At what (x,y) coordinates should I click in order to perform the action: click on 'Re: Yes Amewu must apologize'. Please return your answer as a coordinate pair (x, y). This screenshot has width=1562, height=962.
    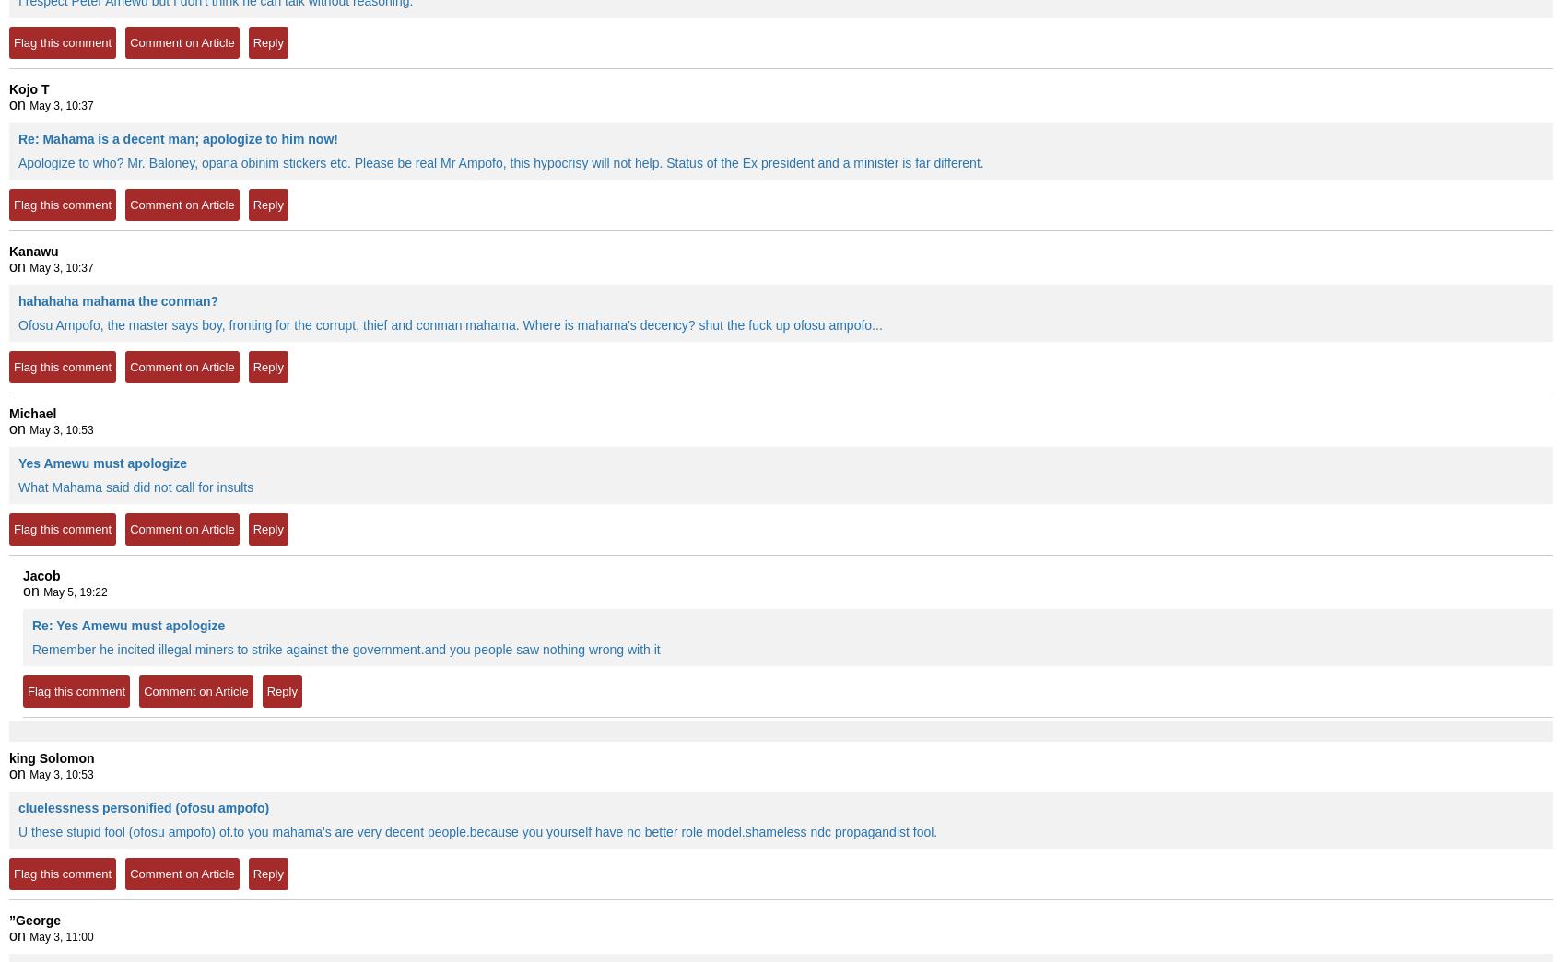
    Looking at the image, I should click on (128, 625).